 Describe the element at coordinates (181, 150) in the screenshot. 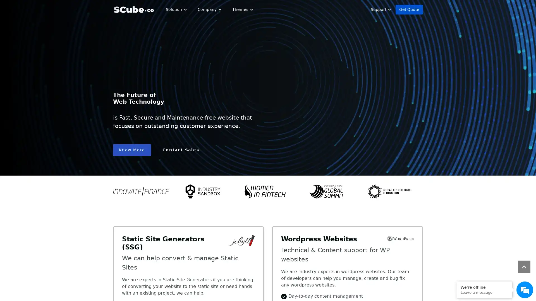

I see `Contact Sales` at that location.